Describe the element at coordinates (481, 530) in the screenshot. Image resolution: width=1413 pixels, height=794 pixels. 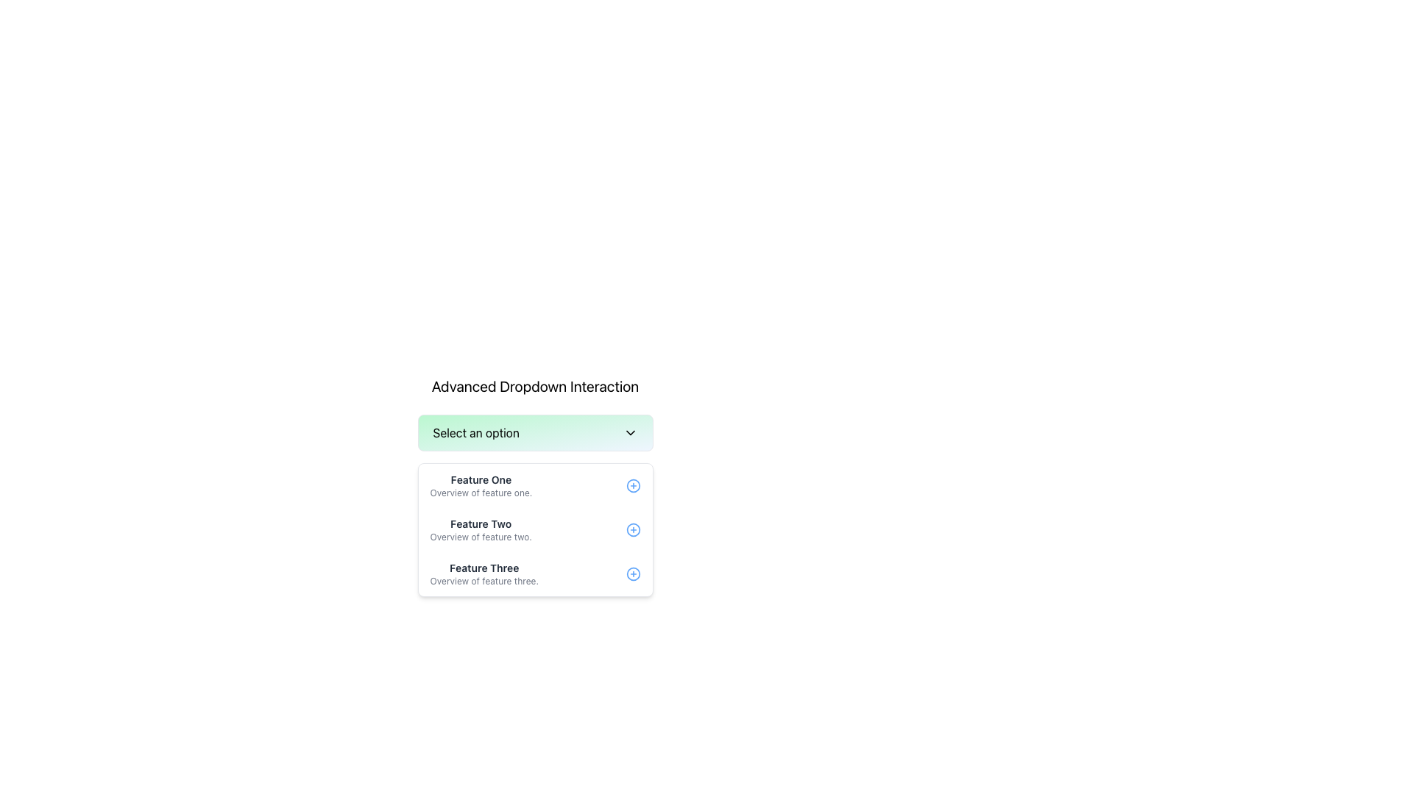
I see `to select the second option in the dropdown menu that serves as a selectable feature between 'Feature One' and 'Feature Three'` at that location.